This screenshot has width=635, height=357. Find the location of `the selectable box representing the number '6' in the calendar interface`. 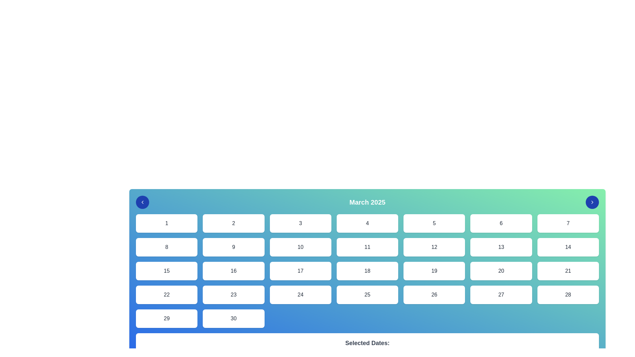

the selectable box representing the number '6' in the calendar interface is located at coordinates (501, 223).